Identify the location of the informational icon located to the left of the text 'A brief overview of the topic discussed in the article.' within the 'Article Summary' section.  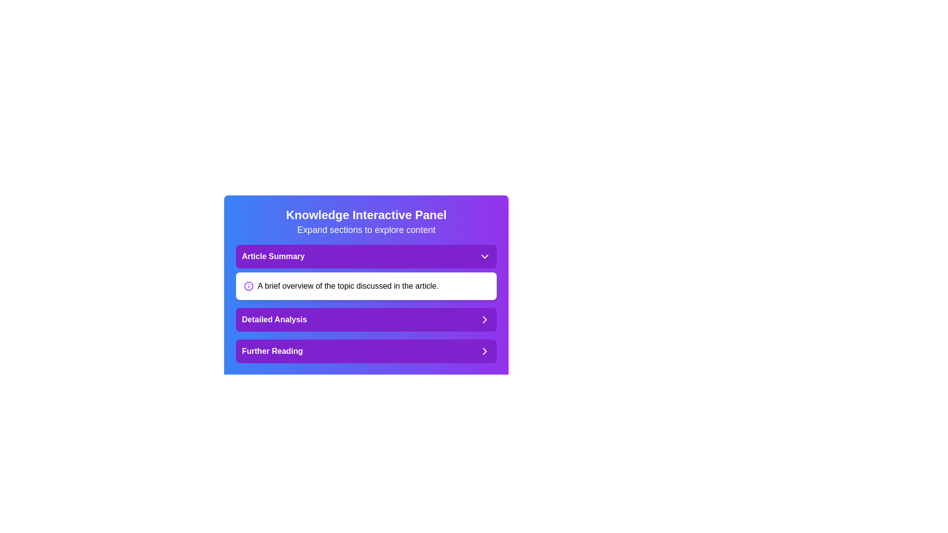
(249, 286).